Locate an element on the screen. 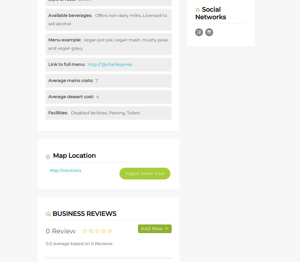  'Facilities:' is located at coordinates (48, 113).